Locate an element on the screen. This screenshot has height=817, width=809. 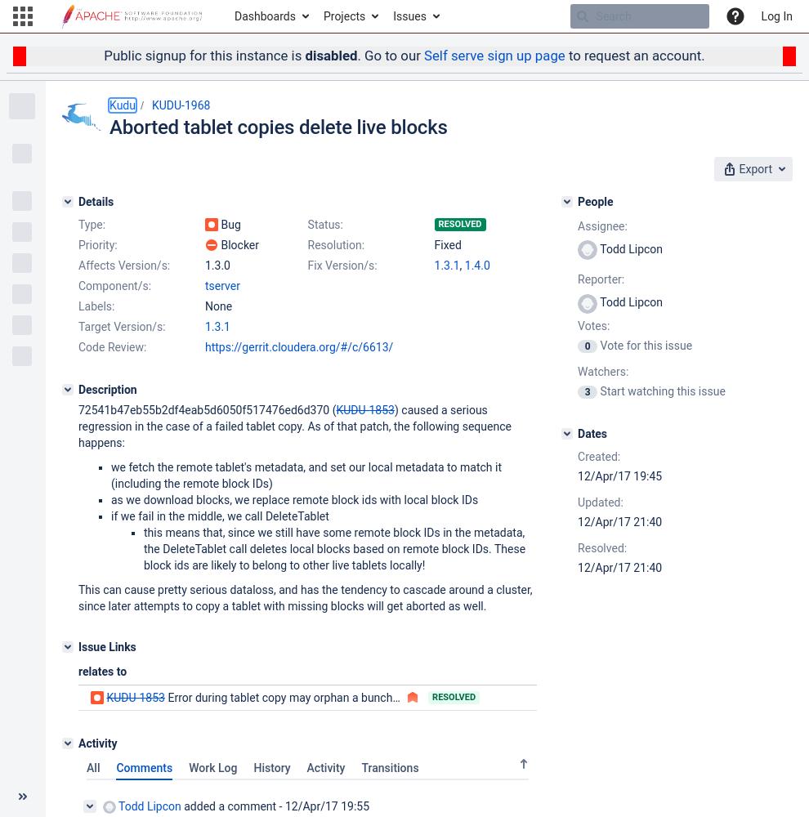
'People' is located at coordinates (594, 200).